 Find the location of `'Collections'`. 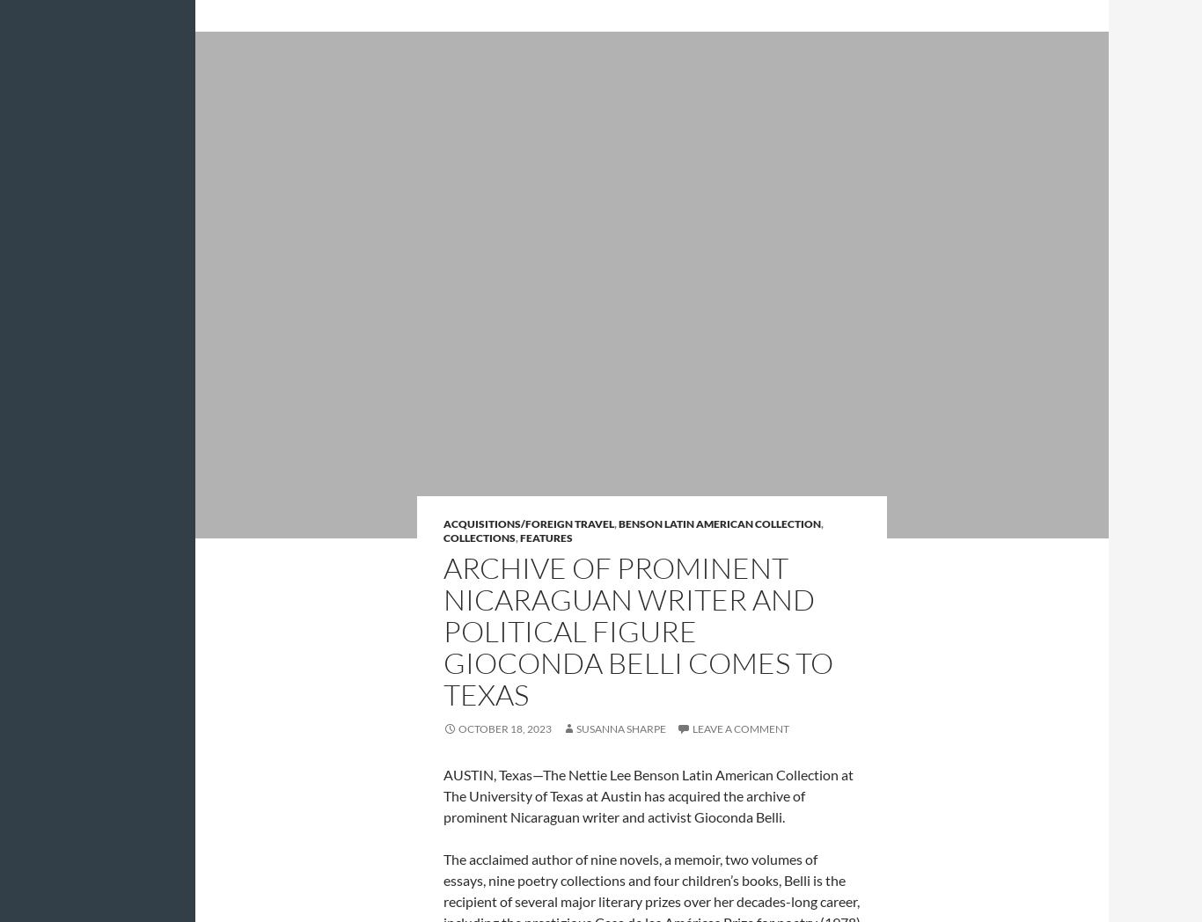

'Collections' is located at coordinates (480, 537).